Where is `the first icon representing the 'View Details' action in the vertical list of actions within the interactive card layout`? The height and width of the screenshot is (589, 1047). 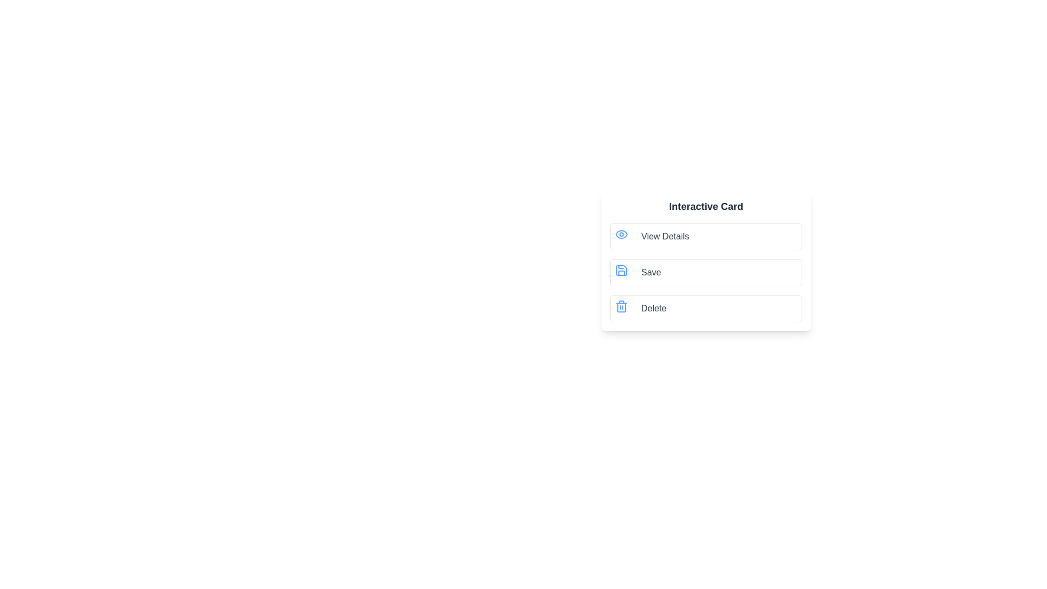 the first icon representing the 'View Details' action in the vertical list of actions within the interactive card layout is located at coordinates (622, 233).